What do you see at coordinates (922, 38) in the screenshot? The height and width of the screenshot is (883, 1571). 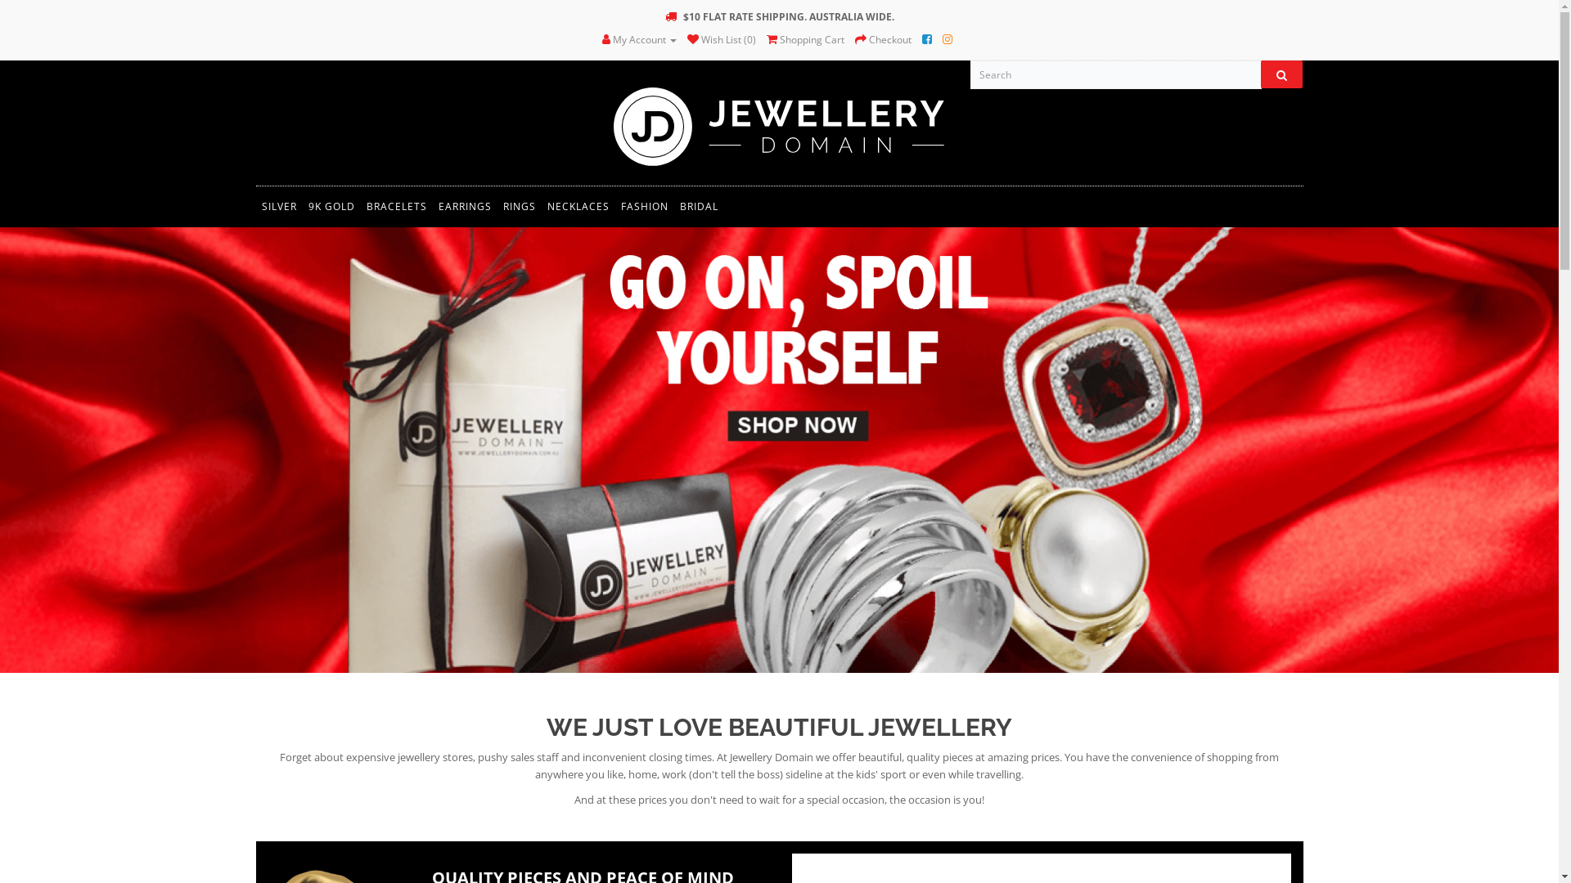 I see `'Join us on Facebook'` at bounding box center [922, 38].